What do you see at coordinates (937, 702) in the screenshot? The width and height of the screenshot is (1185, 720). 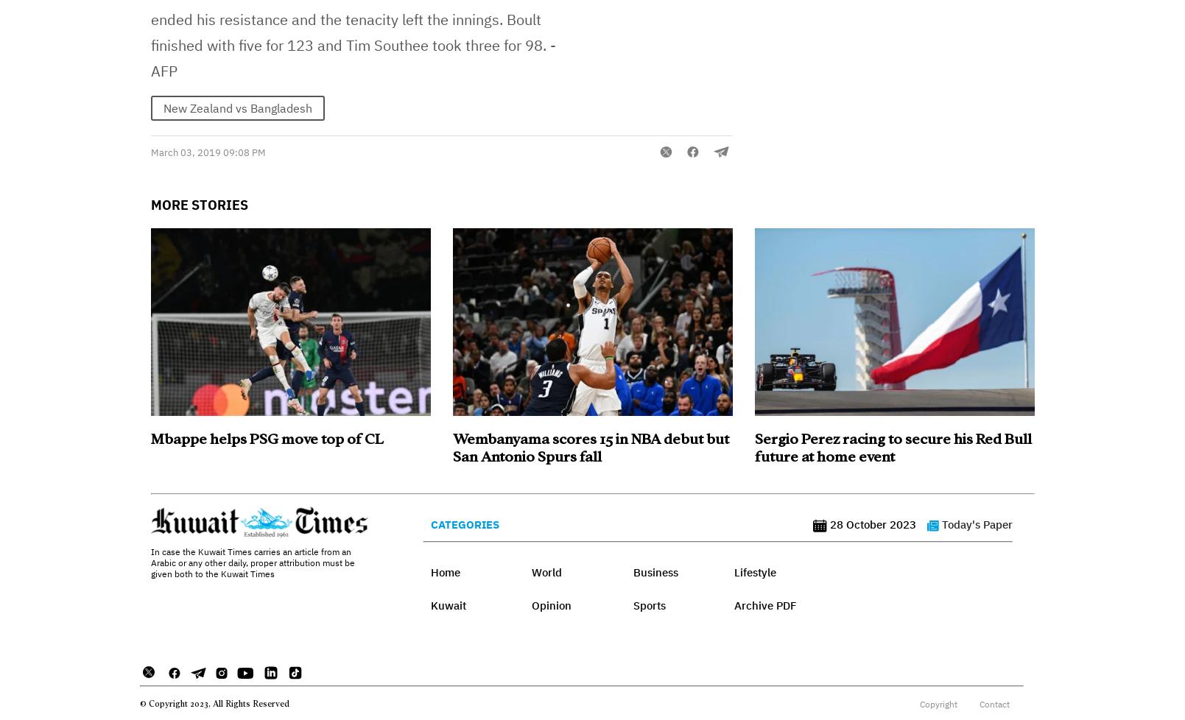 I see `'Copyright'` at bounding box center [937, 702].